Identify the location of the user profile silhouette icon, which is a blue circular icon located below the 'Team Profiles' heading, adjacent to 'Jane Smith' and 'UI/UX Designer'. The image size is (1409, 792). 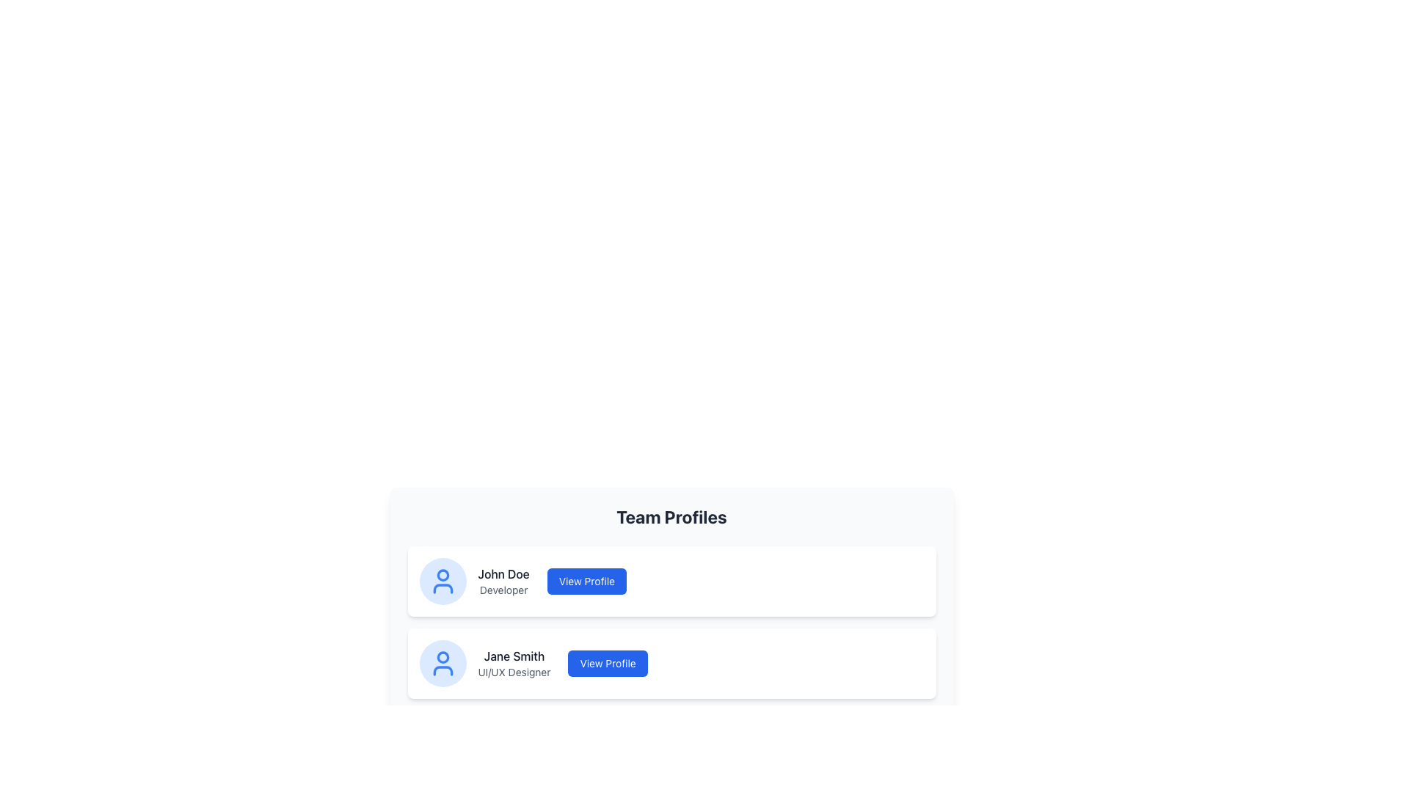
(442, 664).